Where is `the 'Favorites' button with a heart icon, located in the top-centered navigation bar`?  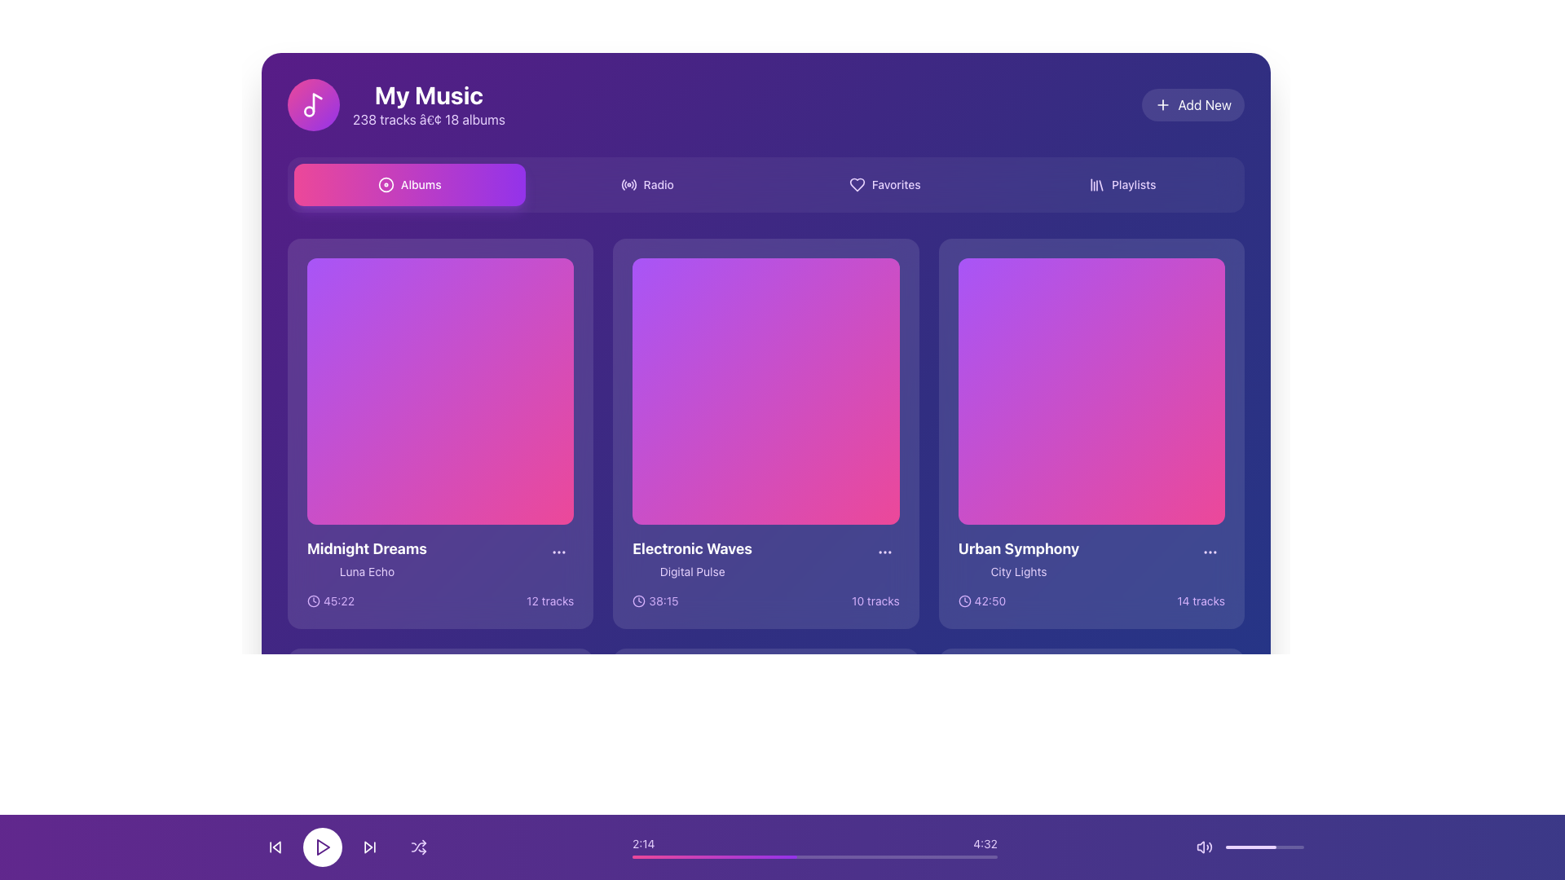
the 'Favorites' button with a heart icon, located in the top-centered navigation bar is located at coordinates (884, 184).